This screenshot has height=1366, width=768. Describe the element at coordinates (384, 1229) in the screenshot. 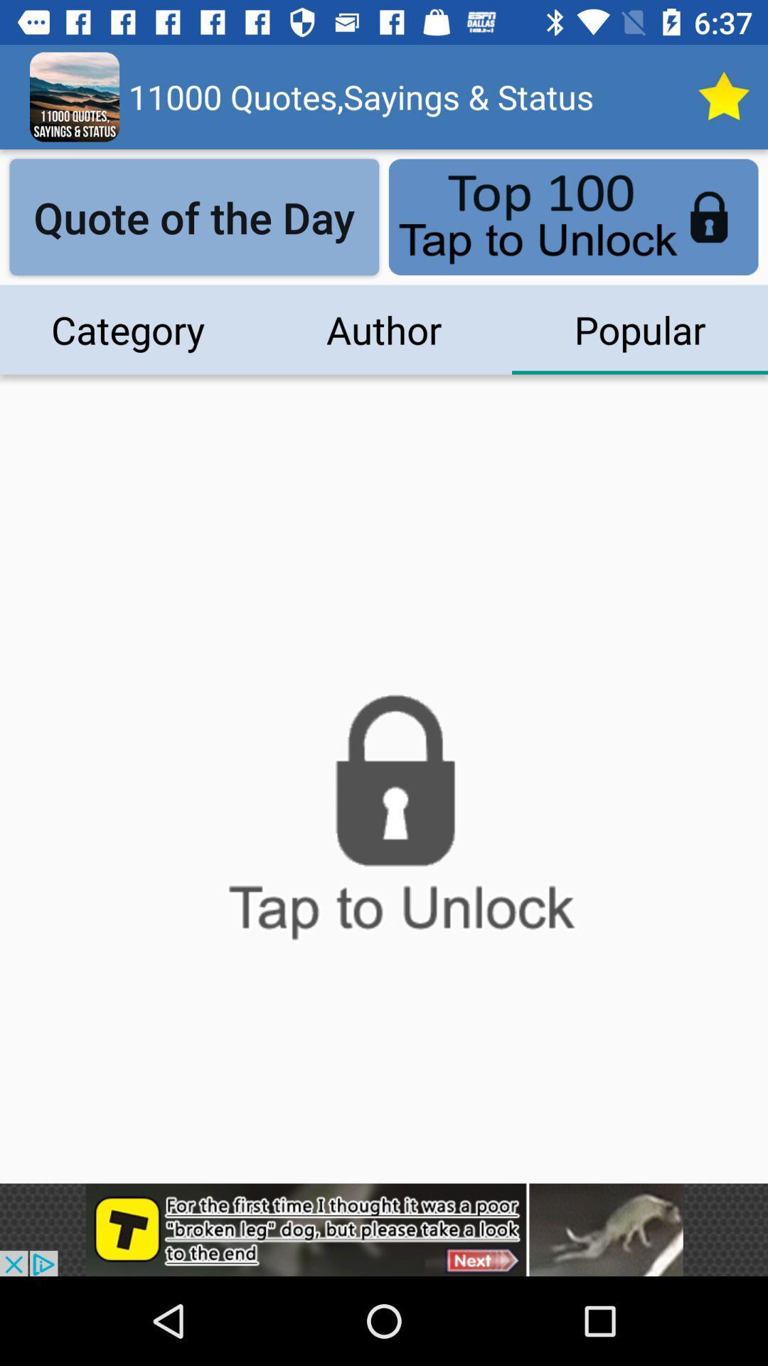

I see `advertisement banner` at that location.